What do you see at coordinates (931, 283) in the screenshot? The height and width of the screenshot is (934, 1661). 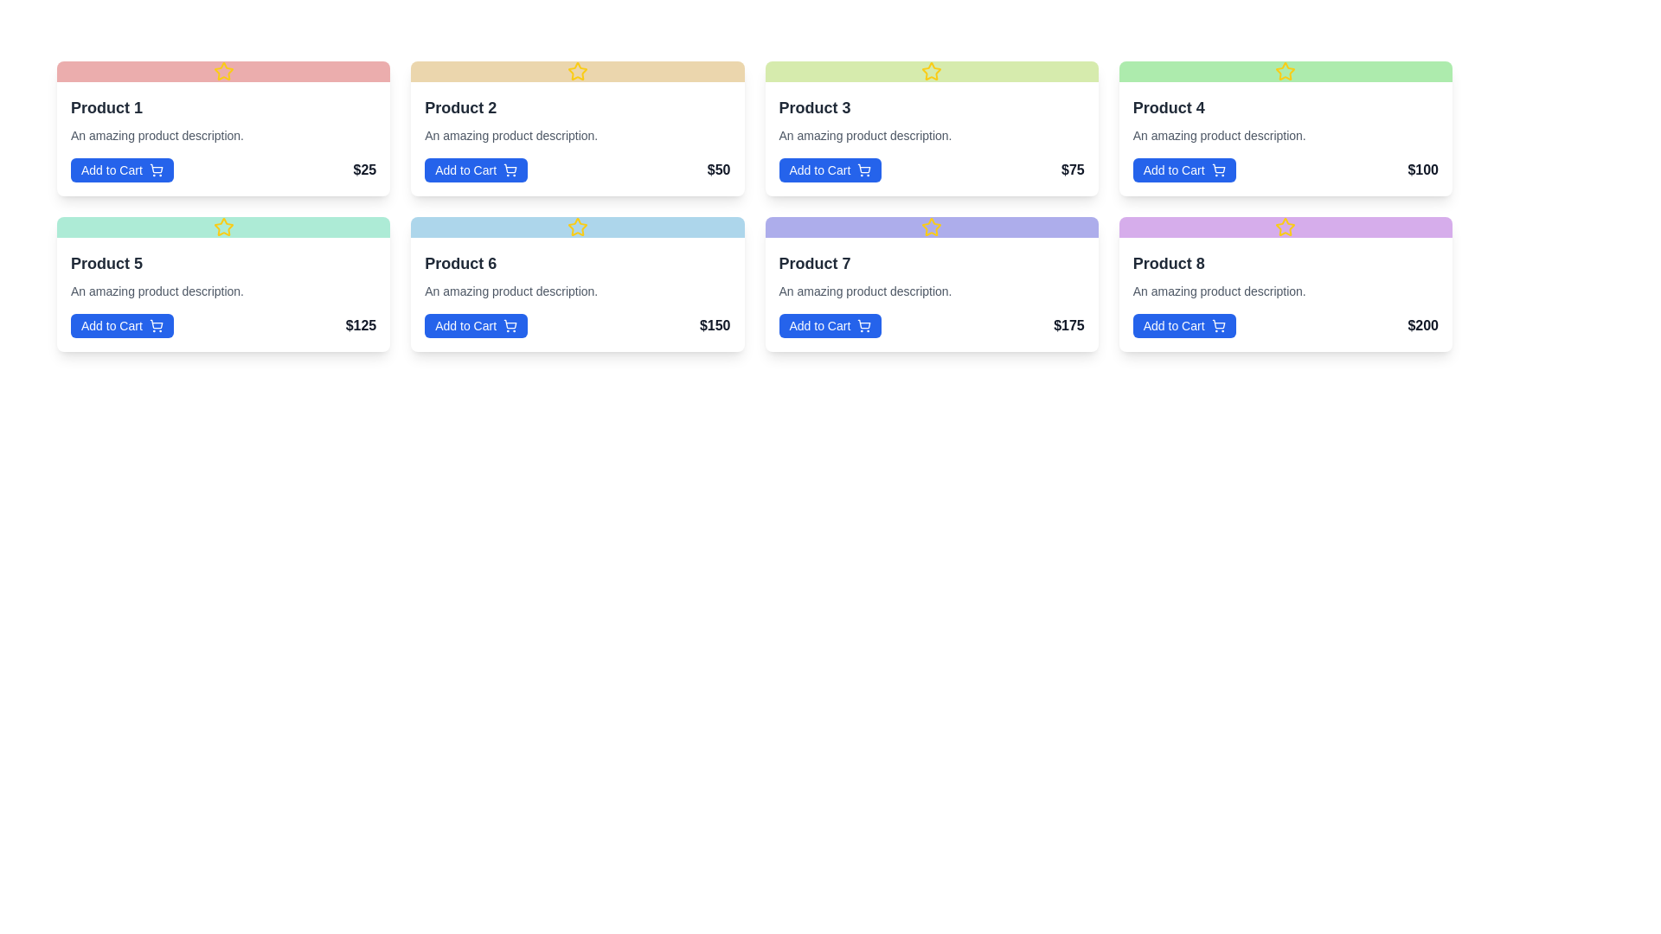 I see `the seventh Product Card in the grid layout, located in the second row and third column` at bounding box center [931, 283].